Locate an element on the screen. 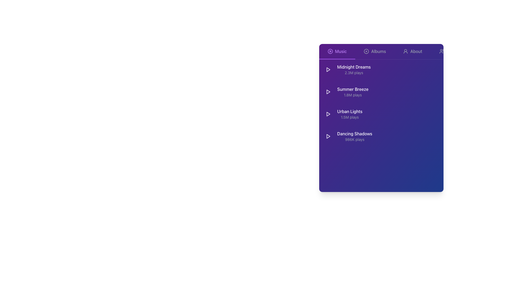 The height and width of the screenshot is (286, 509). the play button on the second list item labeled 'Summer Breeze' in the music playlist interface is located at coordinates (381, 92).